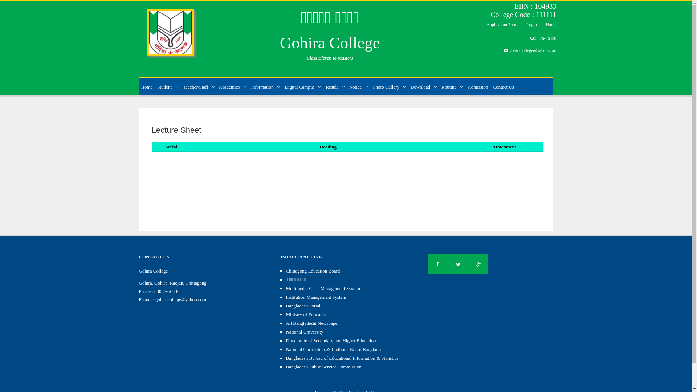 Image resolution: width=697 pixels, height=392 pixels. What do you see at coordinates (503, 86) in the screenshot?
I see `'Contact Us'` at bounding box center [503, 86].